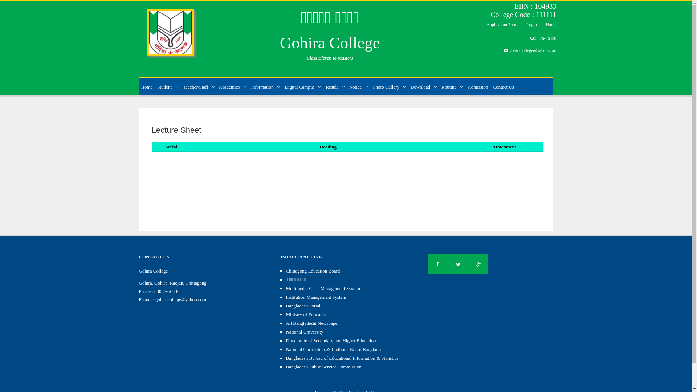 Image resolution: width=697 pixels, height=392 pixels. What do you see at coordinates (503, 86) in the screenshot?
I see `'Contact Us'` at bounding box center [503, 86].